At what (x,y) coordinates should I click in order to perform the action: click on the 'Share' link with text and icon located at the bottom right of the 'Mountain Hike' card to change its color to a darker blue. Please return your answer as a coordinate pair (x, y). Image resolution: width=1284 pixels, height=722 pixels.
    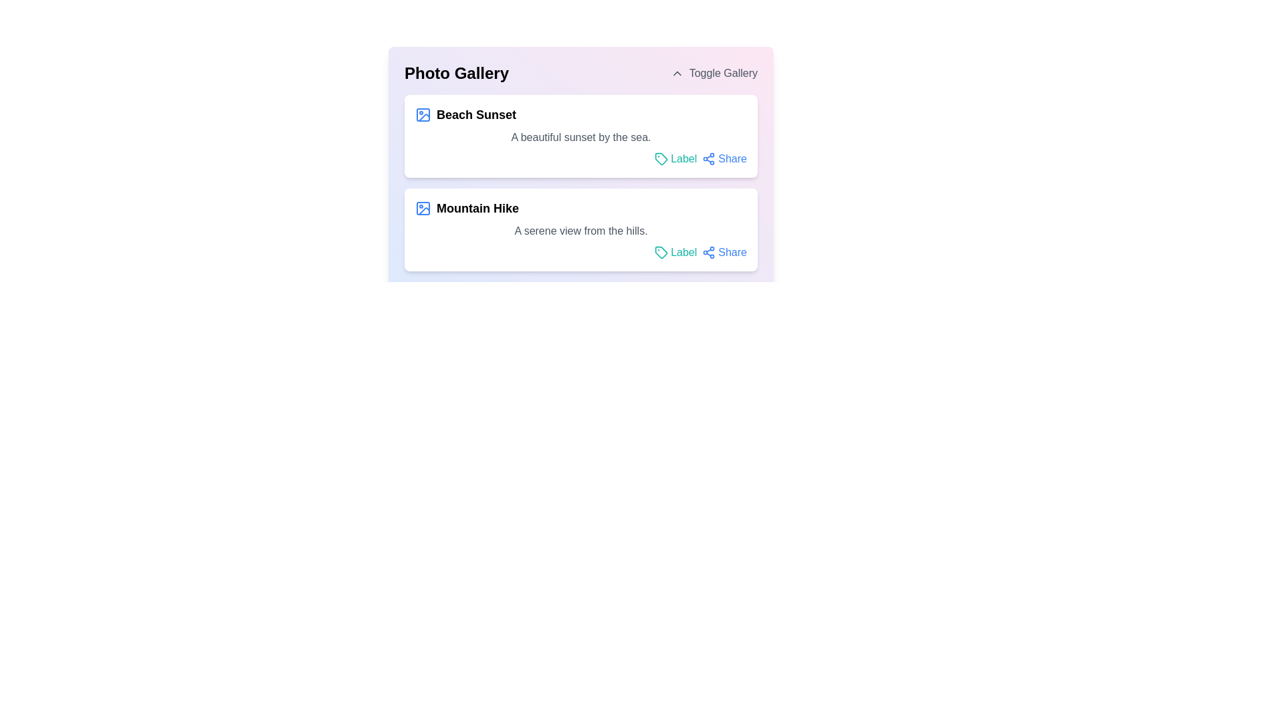
    Looking at the image, I should click on (724, 253).